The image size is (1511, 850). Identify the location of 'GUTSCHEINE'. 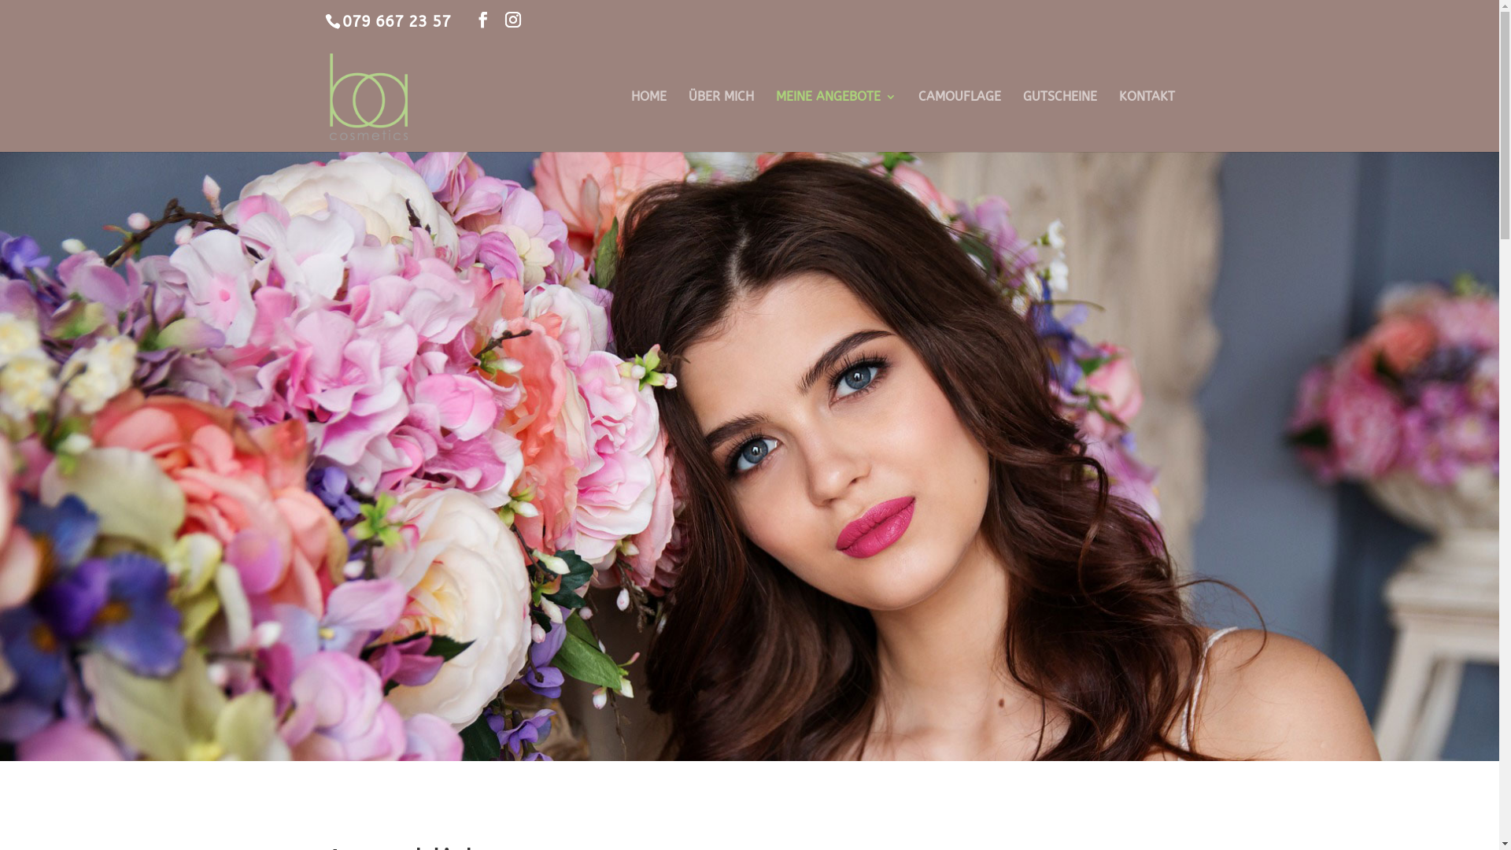
(1060, 120).